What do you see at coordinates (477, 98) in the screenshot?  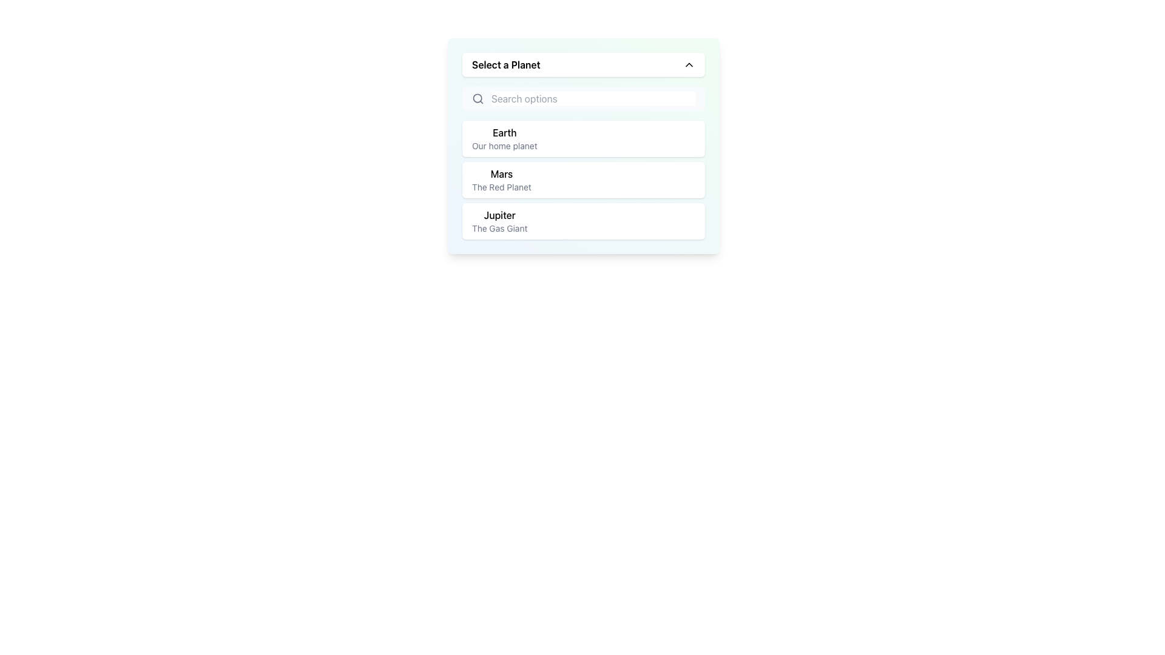 I see `the circular graphical element representing the lens of a magnifying glass in the search icon, located to the left of the search input field` at bounding box center [477, 98].